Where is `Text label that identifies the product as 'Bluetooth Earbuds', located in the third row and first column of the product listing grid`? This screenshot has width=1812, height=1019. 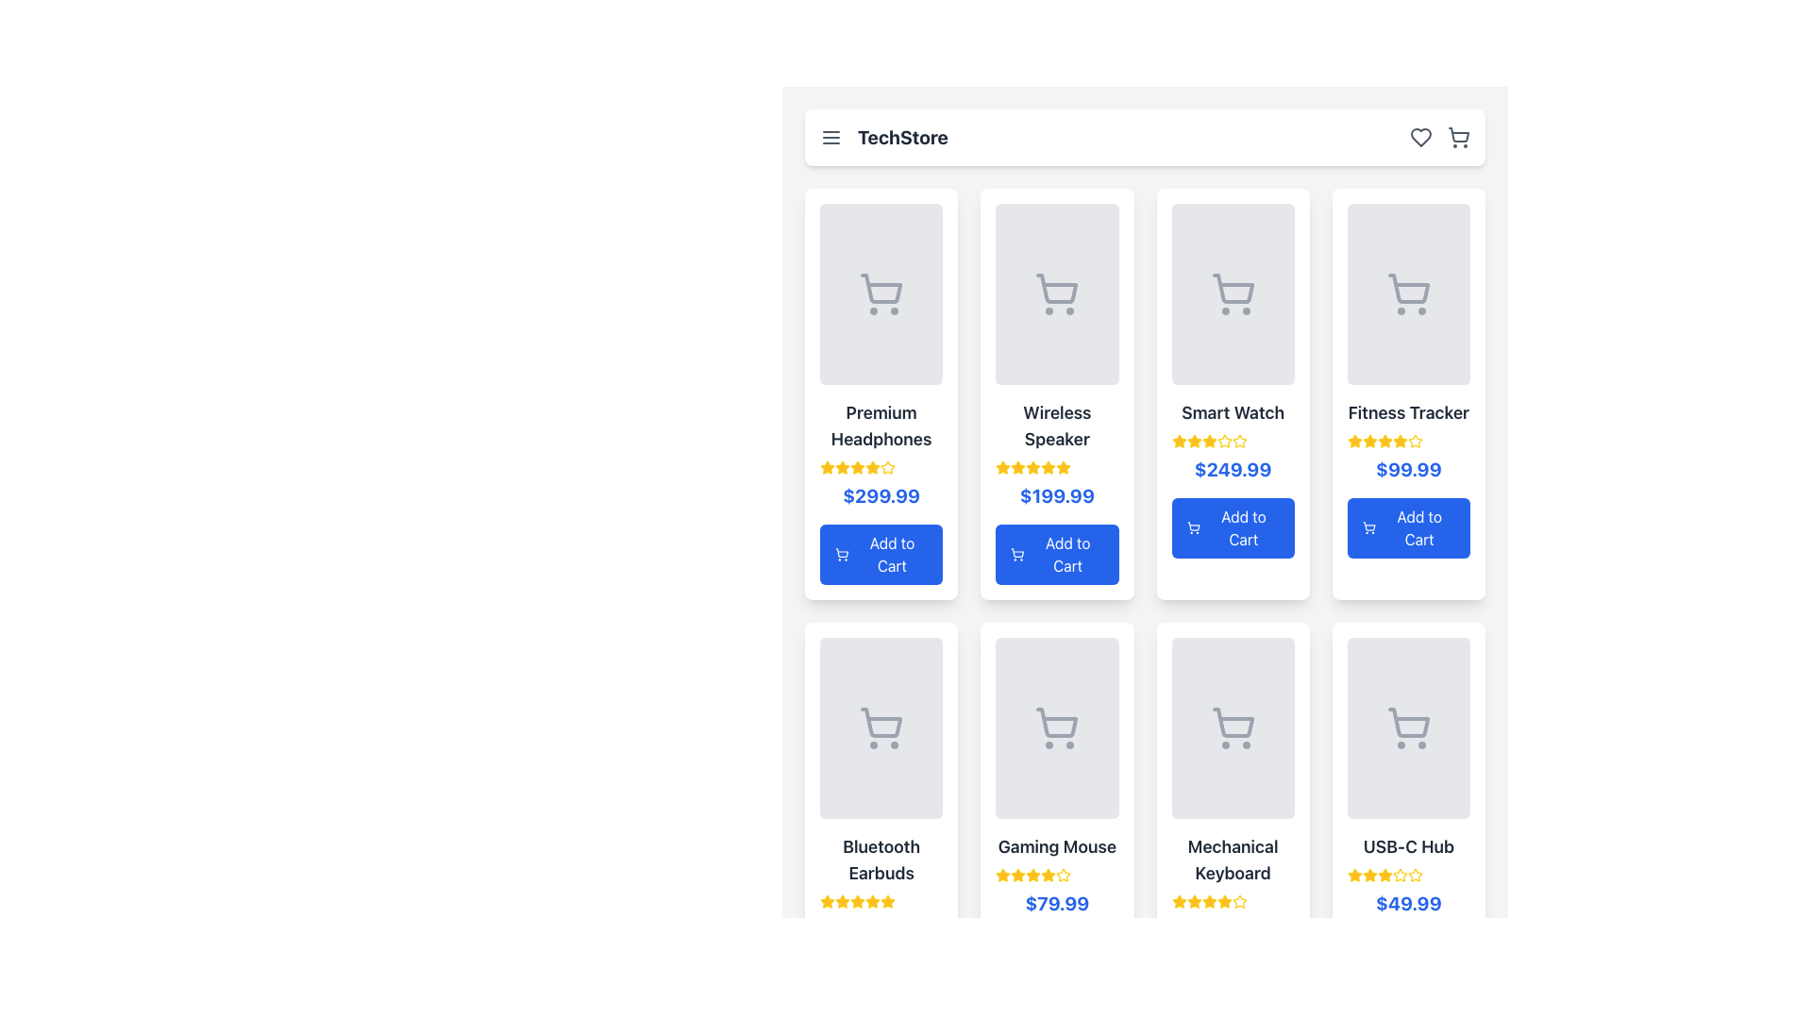
Text label that identifies the product as 'Bluetooth Earbuds', located in the third row and first column of the product listing grid is located at coordinates (881, 860).